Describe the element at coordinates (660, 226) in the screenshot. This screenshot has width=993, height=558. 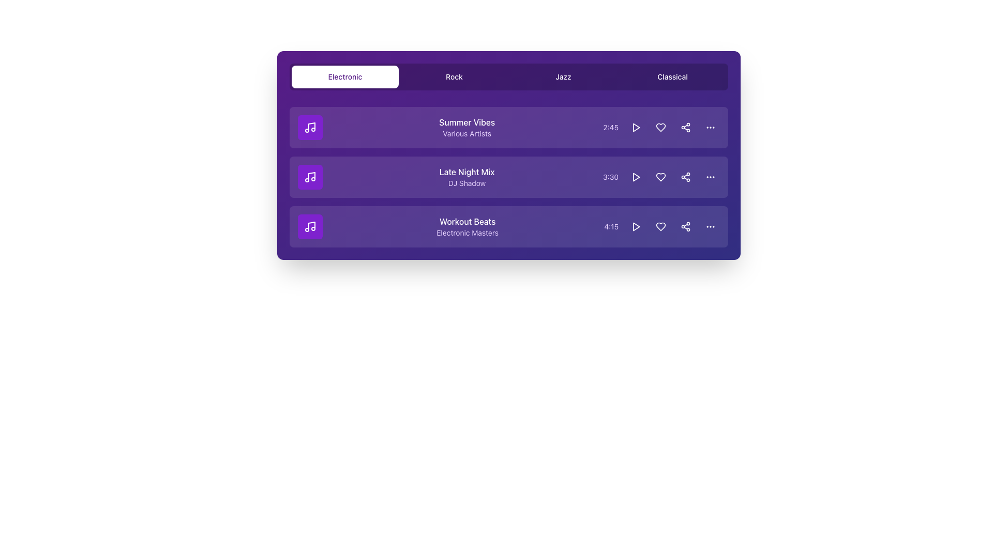
I see `the heart-shaped icon button, which is a minimalistic outlined design located in the action column of the third item in a vertical list` at that location.